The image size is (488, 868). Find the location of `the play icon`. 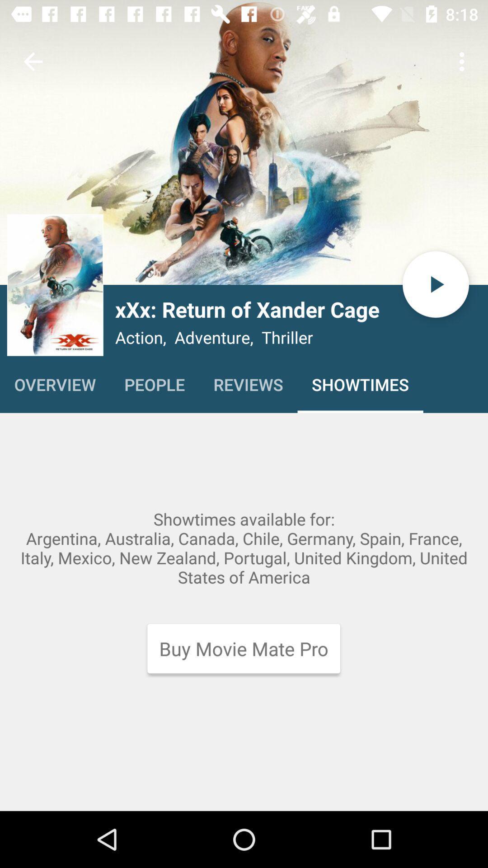

the play icon is located at coordinates (435, 284).